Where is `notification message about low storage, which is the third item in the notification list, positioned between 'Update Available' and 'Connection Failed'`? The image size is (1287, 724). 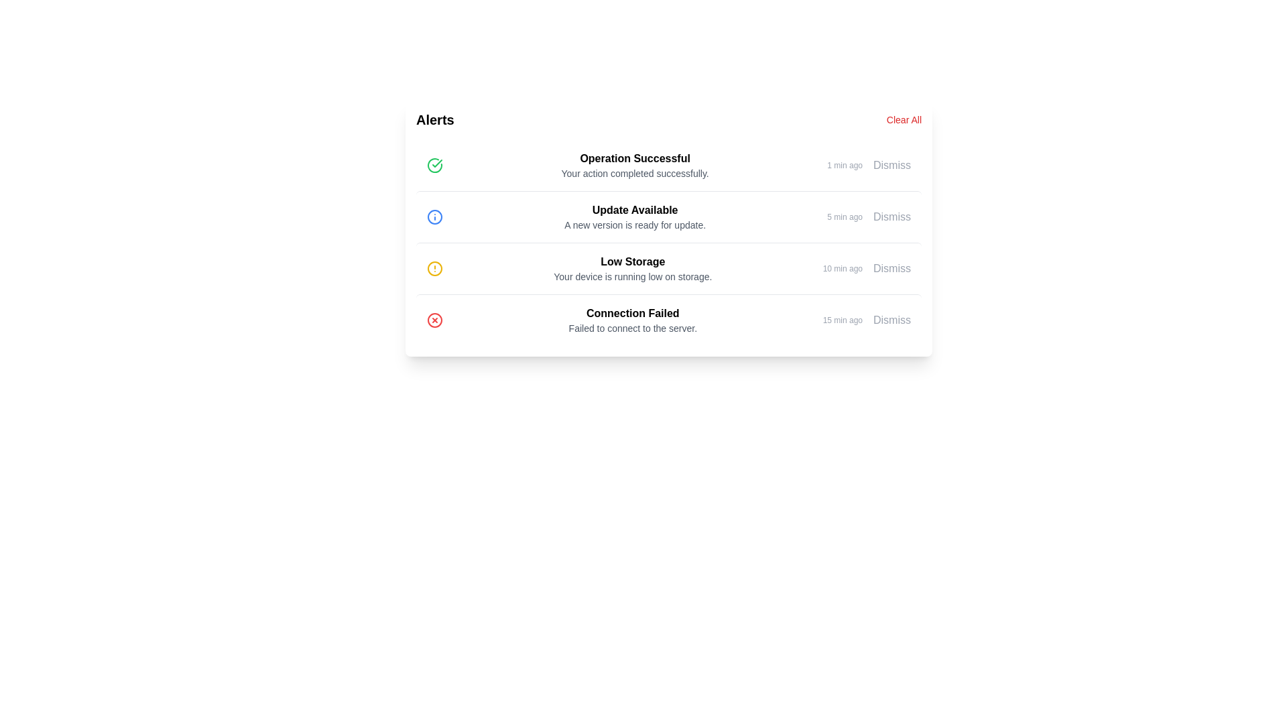 notification message about low storage, which is the third item in the notification list, positioned between 'Update Available' and 'Connection Failed' is located at coordinates (632, 269).